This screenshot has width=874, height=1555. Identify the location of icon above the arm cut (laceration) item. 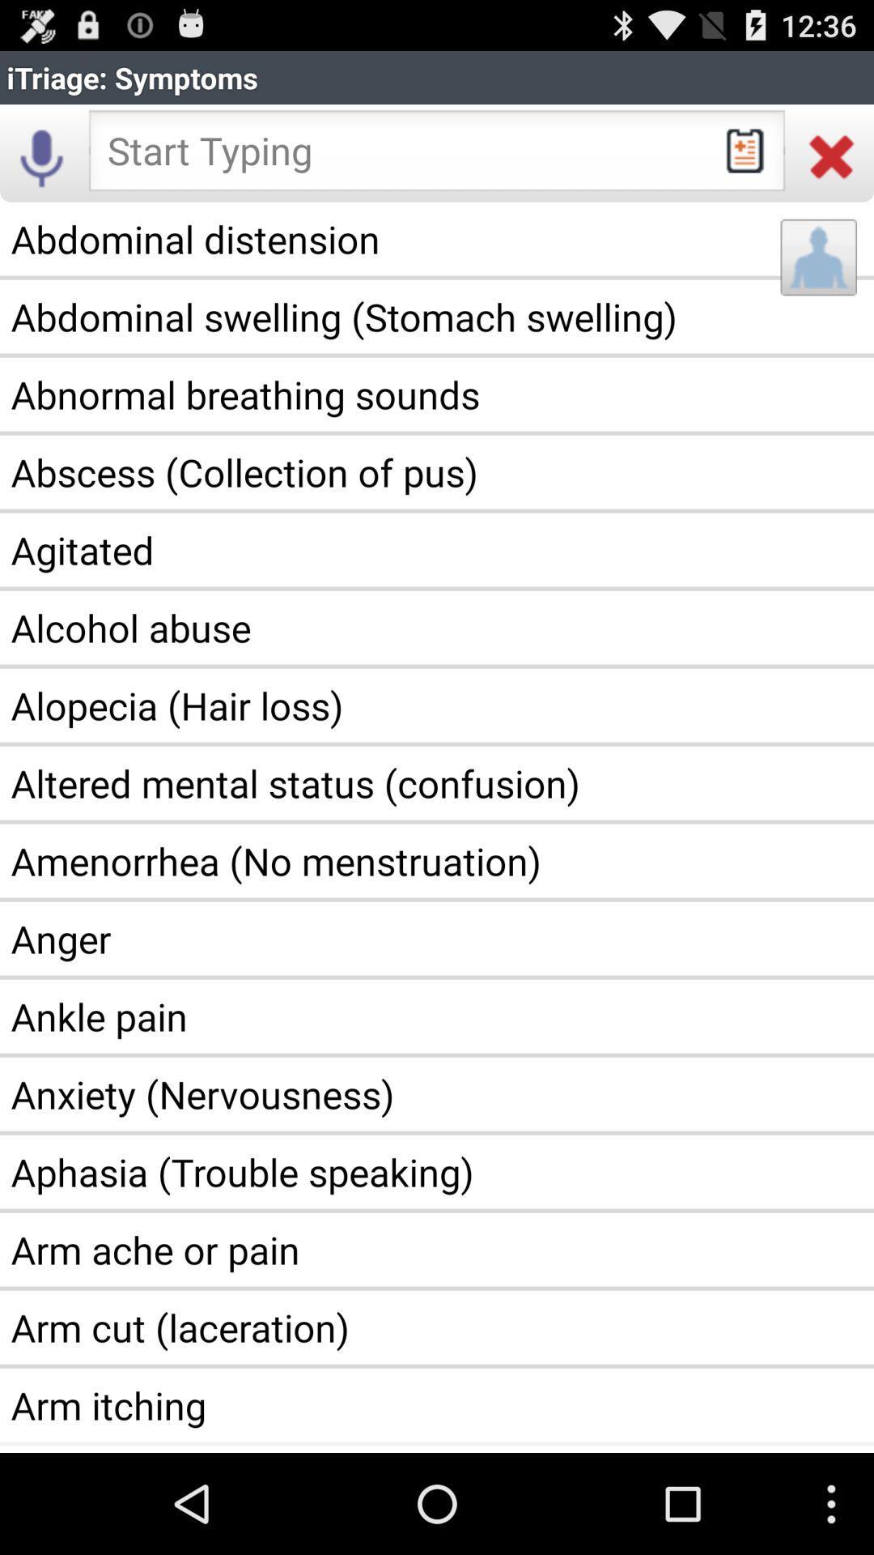
(437, 1249).